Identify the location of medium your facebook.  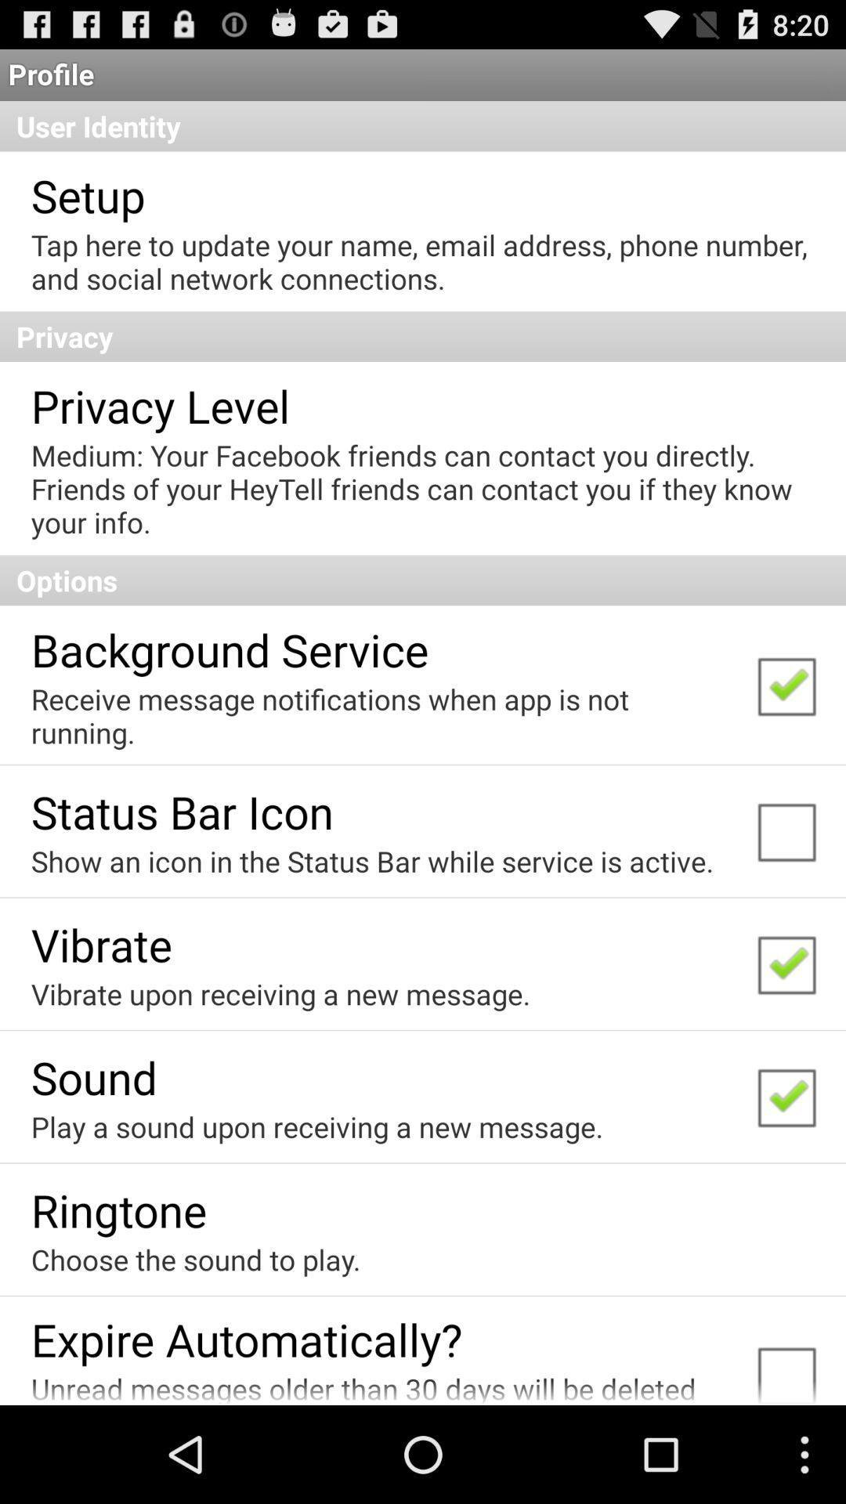
(421, 488).